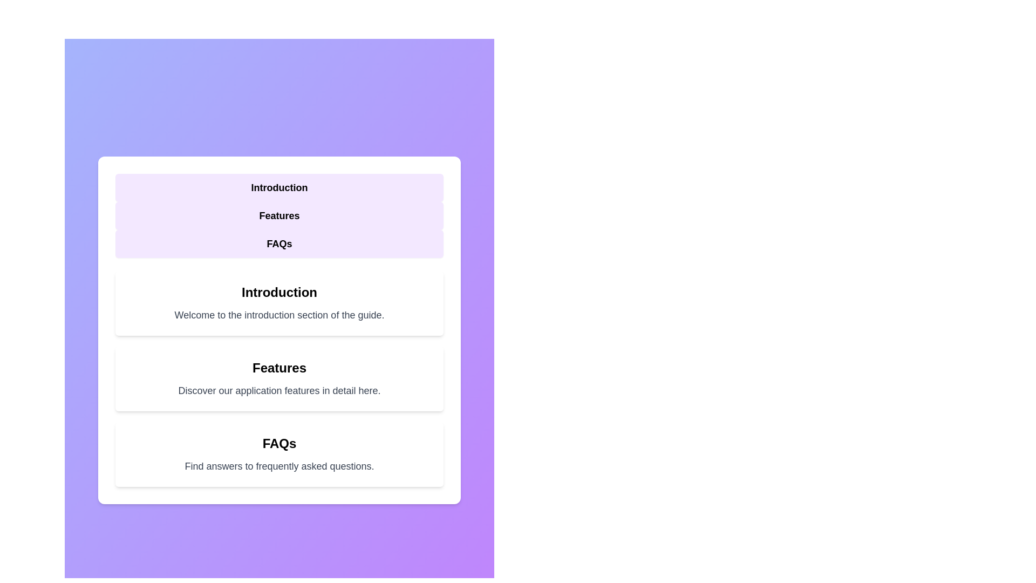 The width and height of the screenshot is (1036, 583). Describe the element at coordinates (280, 243) in the screenshot. I see `the 'FAQs' button, which is a rectangular button with bold black text on a light purple background, positioned centrally in the lower section of a vertical stack of buttons` at that location.